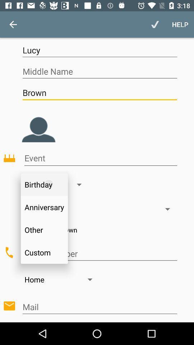  Describe the element at coordinates (38, 124) in the screenshot. I see `set profile picture option` at that location.